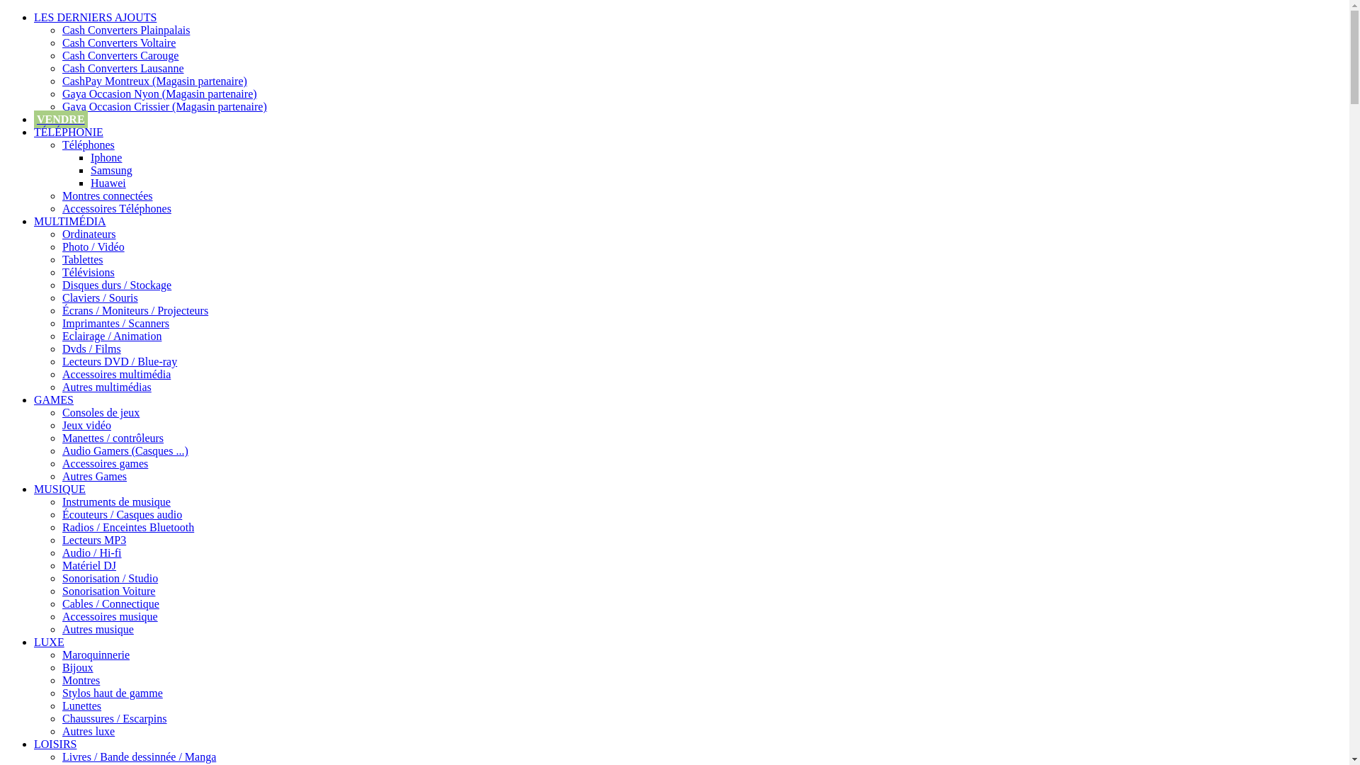  I want to click on 'Audio Gamers (Casques ...)', so click(125, 450).